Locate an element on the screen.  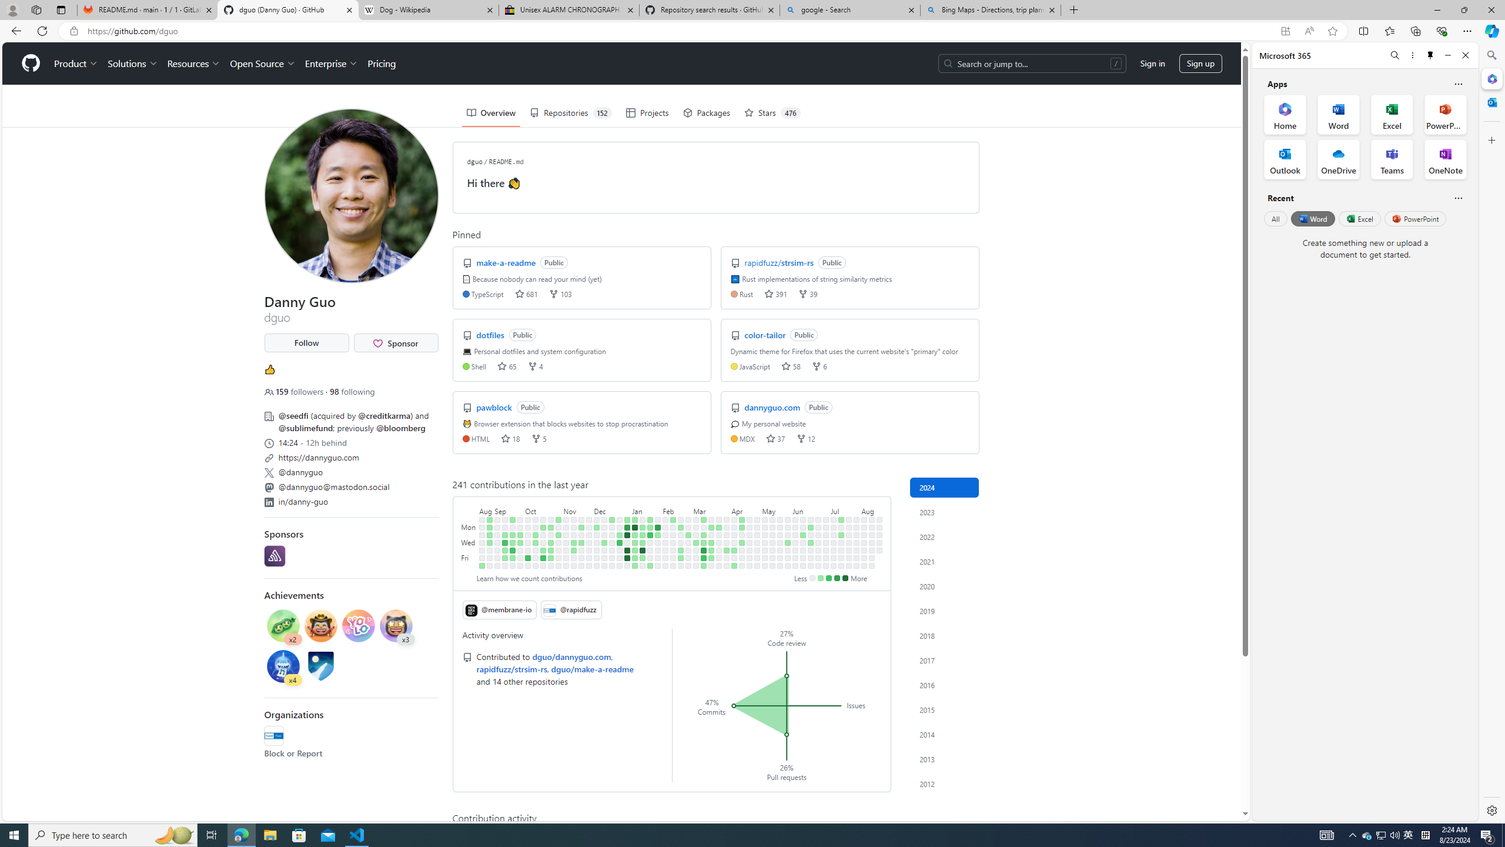
'Home Office App' is located at coordinates (1285, 115).